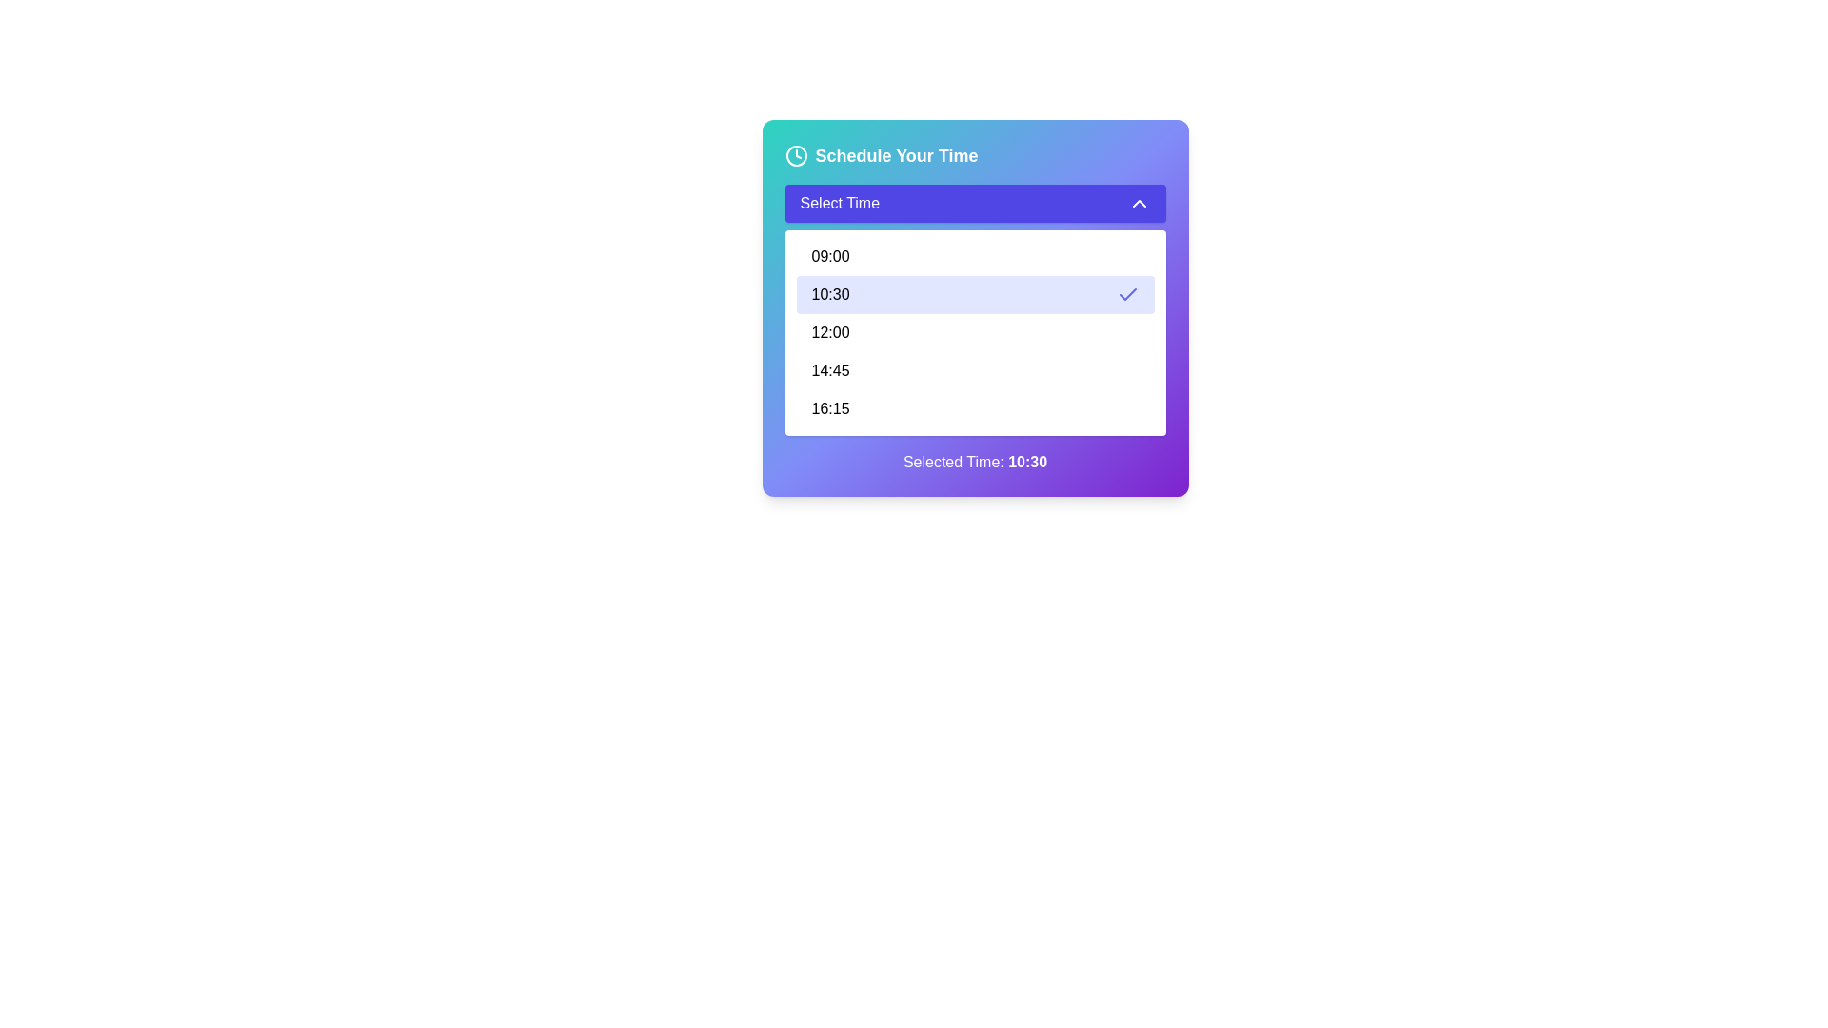 Image resolution: width=1828 pixels, height=1028 pixels. I want to click on the selectable time option '12:00' in the dropdown menu, so click(830, 332).